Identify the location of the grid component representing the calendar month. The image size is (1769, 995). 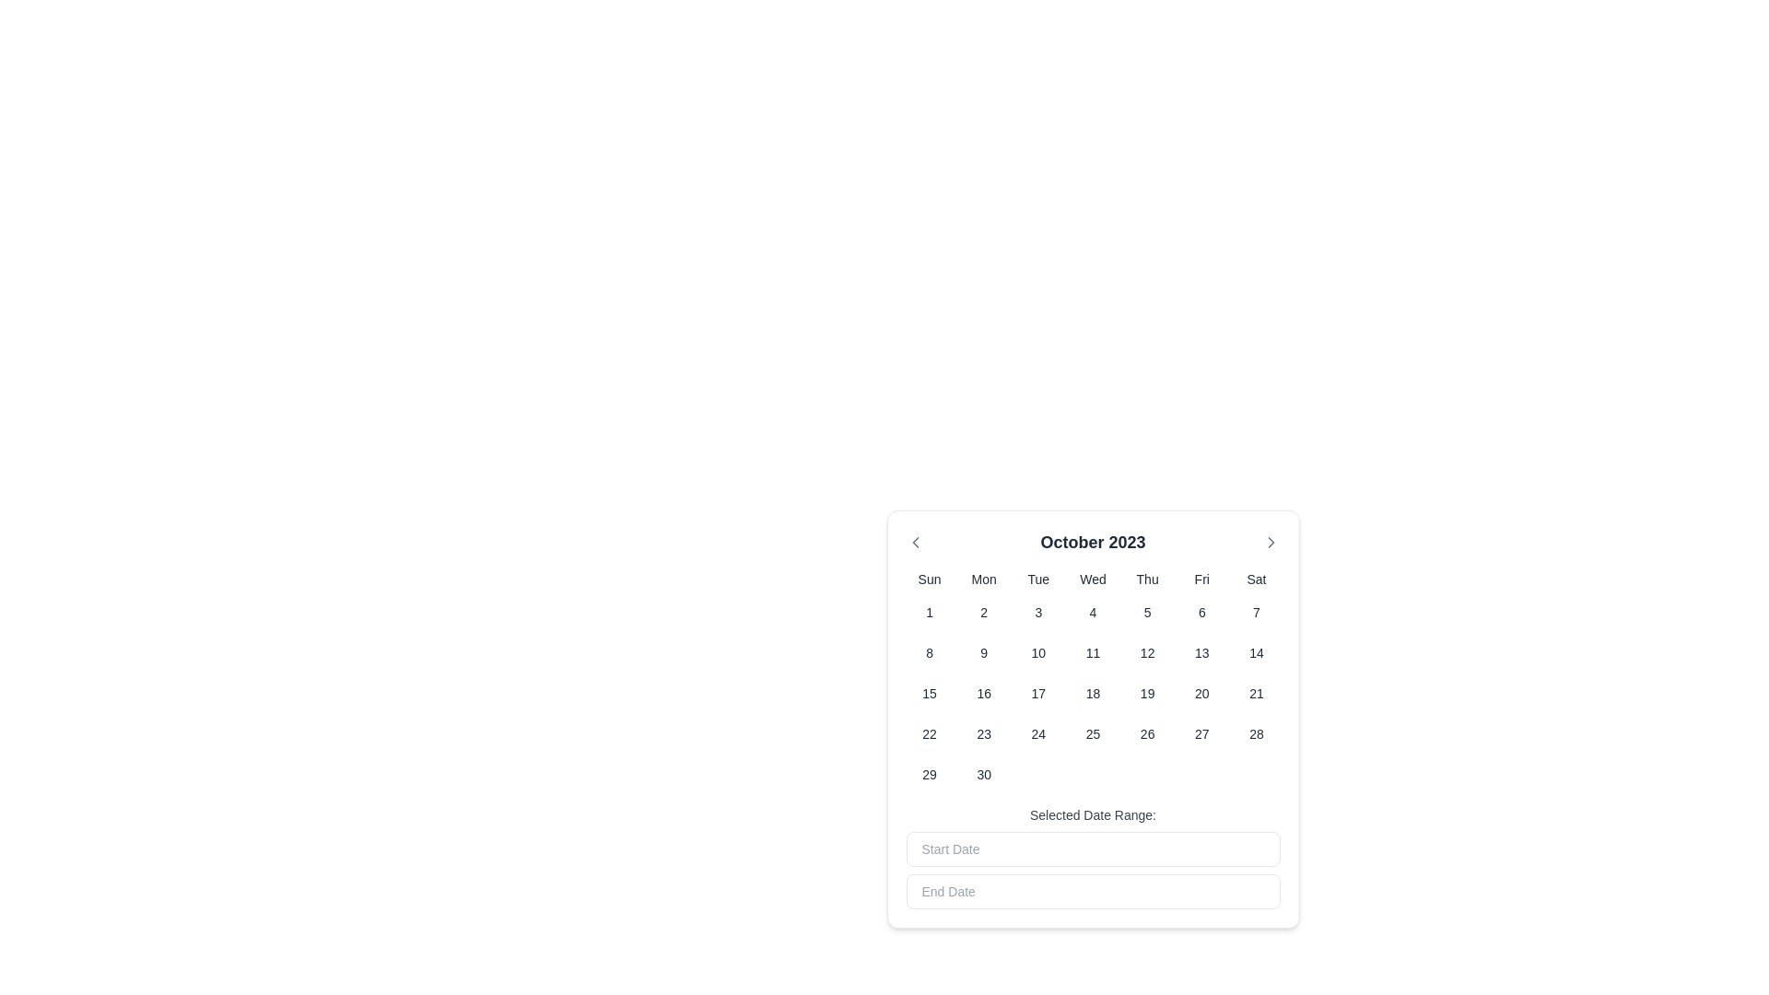
(1093, 681).